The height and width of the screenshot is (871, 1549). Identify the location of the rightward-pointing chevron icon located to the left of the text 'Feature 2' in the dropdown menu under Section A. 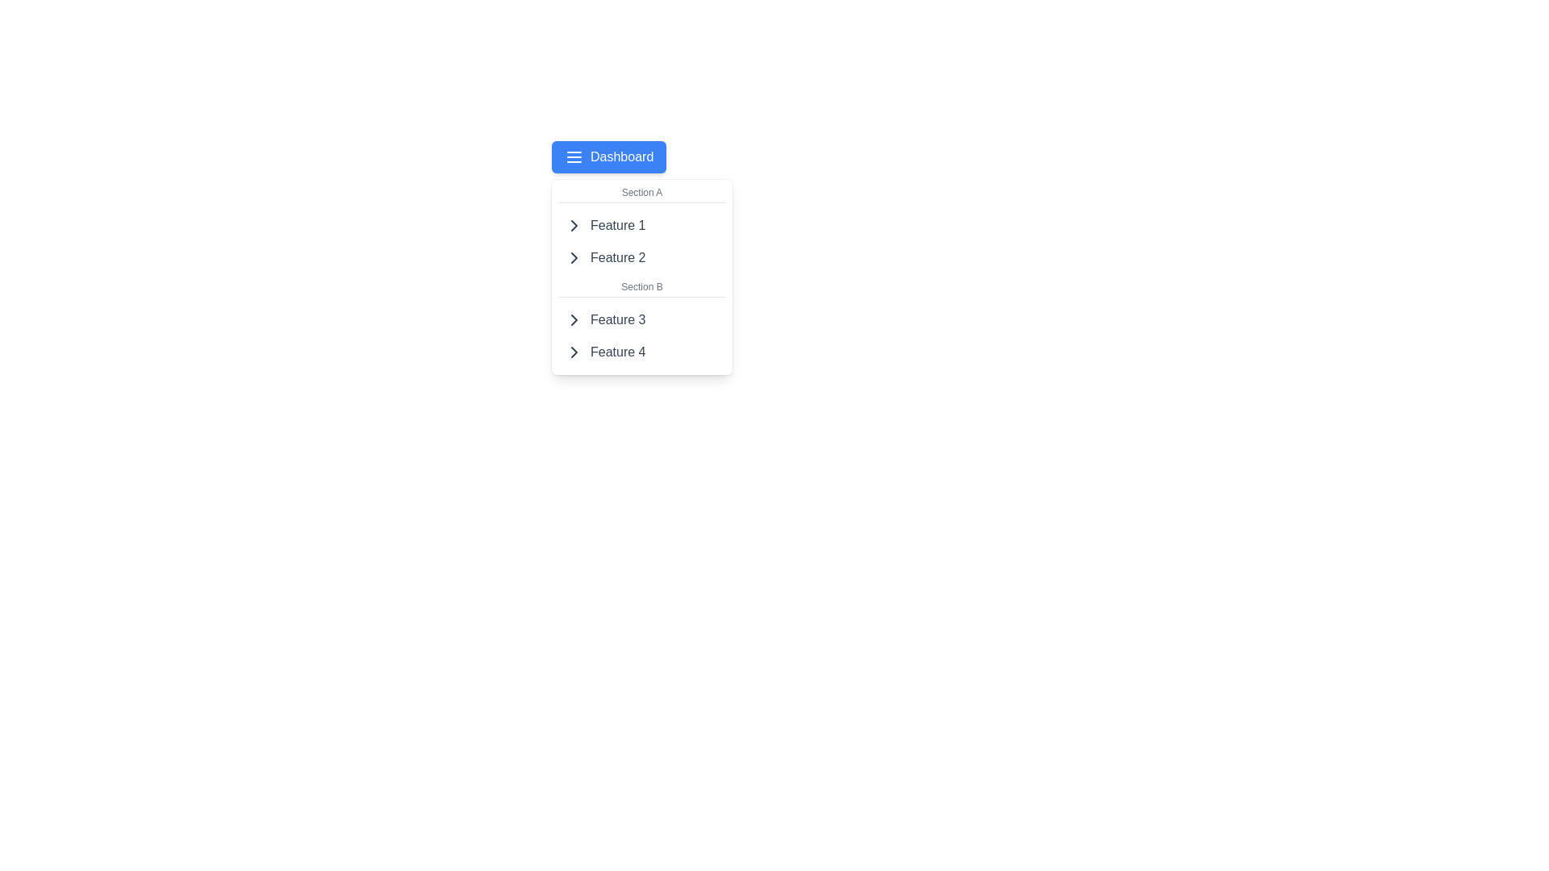
(574, 257).